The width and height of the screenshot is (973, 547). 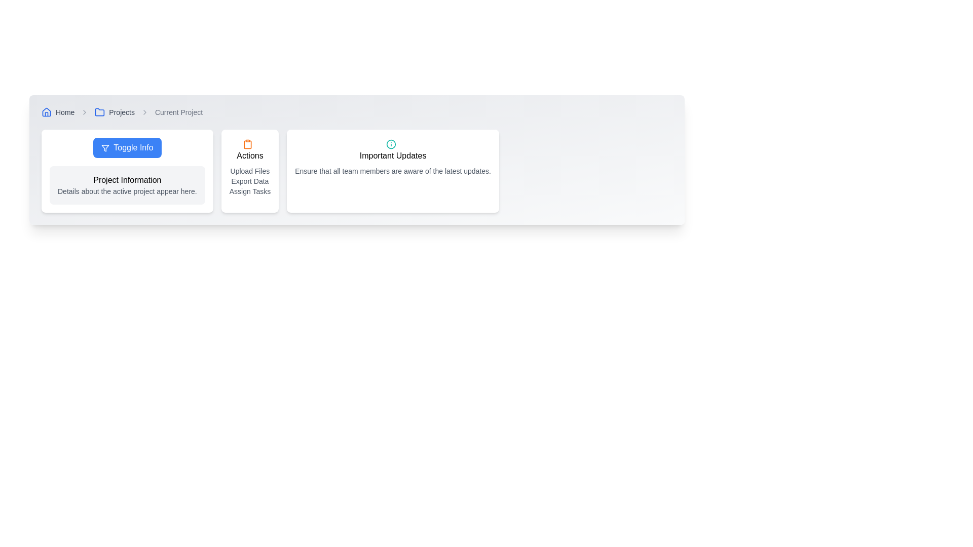 What do you see at coordinates (64, 112) in the screenshot?
I see `the first breadcrumb hyperlink, which is located next to a house icon in the breadcrumb navigation` at bounding box center [64, 112].